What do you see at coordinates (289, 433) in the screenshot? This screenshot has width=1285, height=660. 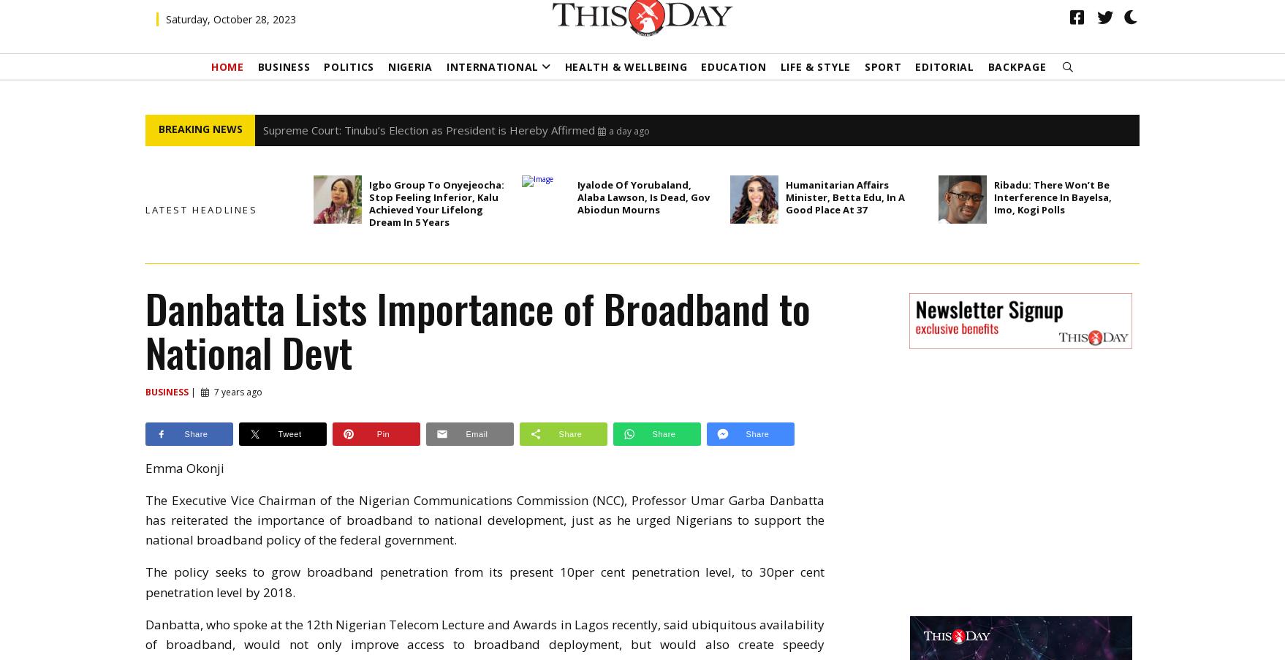 I see `'Tweet'` at bounding box center [289, 433].